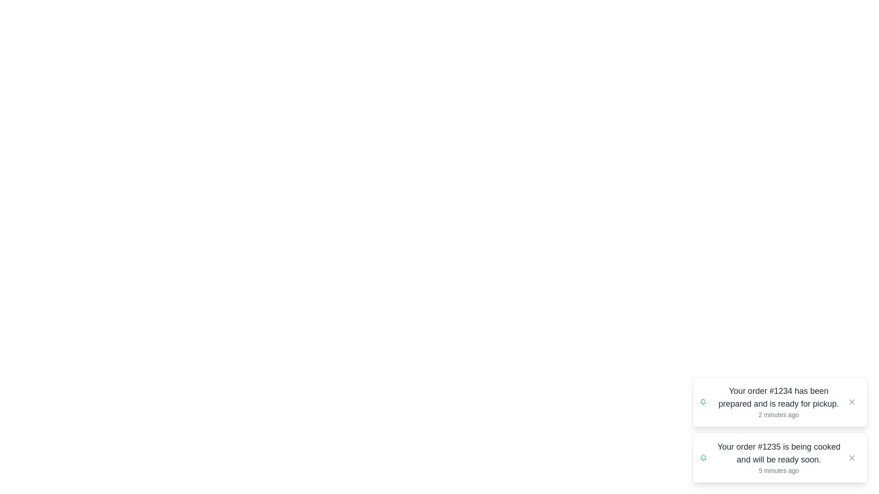 This screenshot has width=879, height=494. Describe the element at coordinates (852, 402) in the screenshot. I see `the close button located at the top right corner of the notification card to change its color to red` at that location.